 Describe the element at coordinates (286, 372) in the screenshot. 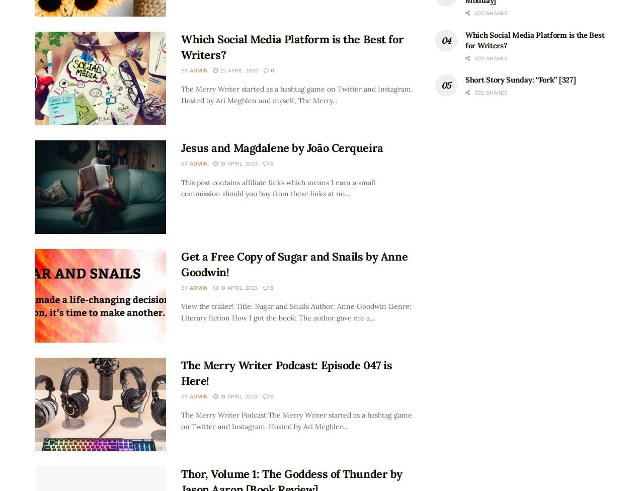

I see `'The Merry Writer Podcast: Episode 047 is Here!'` at that location.